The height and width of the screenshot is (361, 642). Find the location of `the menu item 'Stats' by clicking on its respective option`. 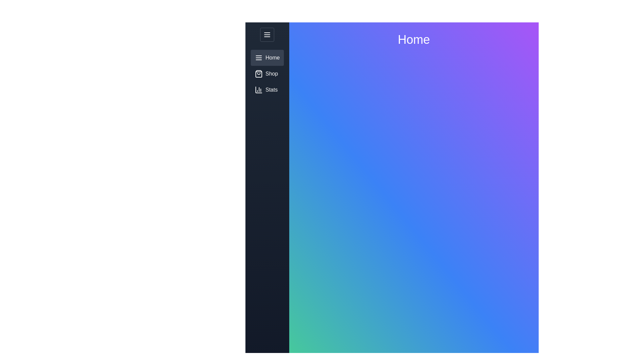

the menu item 'Stats' by clicking on its respective option is located at coordinates (266, 90).